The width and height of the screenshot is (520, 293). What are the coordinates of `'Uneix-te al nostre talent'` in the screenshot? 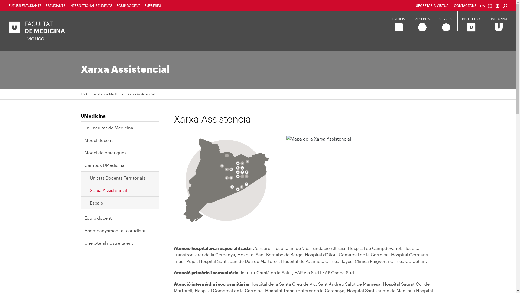 It's located at (84, 243).